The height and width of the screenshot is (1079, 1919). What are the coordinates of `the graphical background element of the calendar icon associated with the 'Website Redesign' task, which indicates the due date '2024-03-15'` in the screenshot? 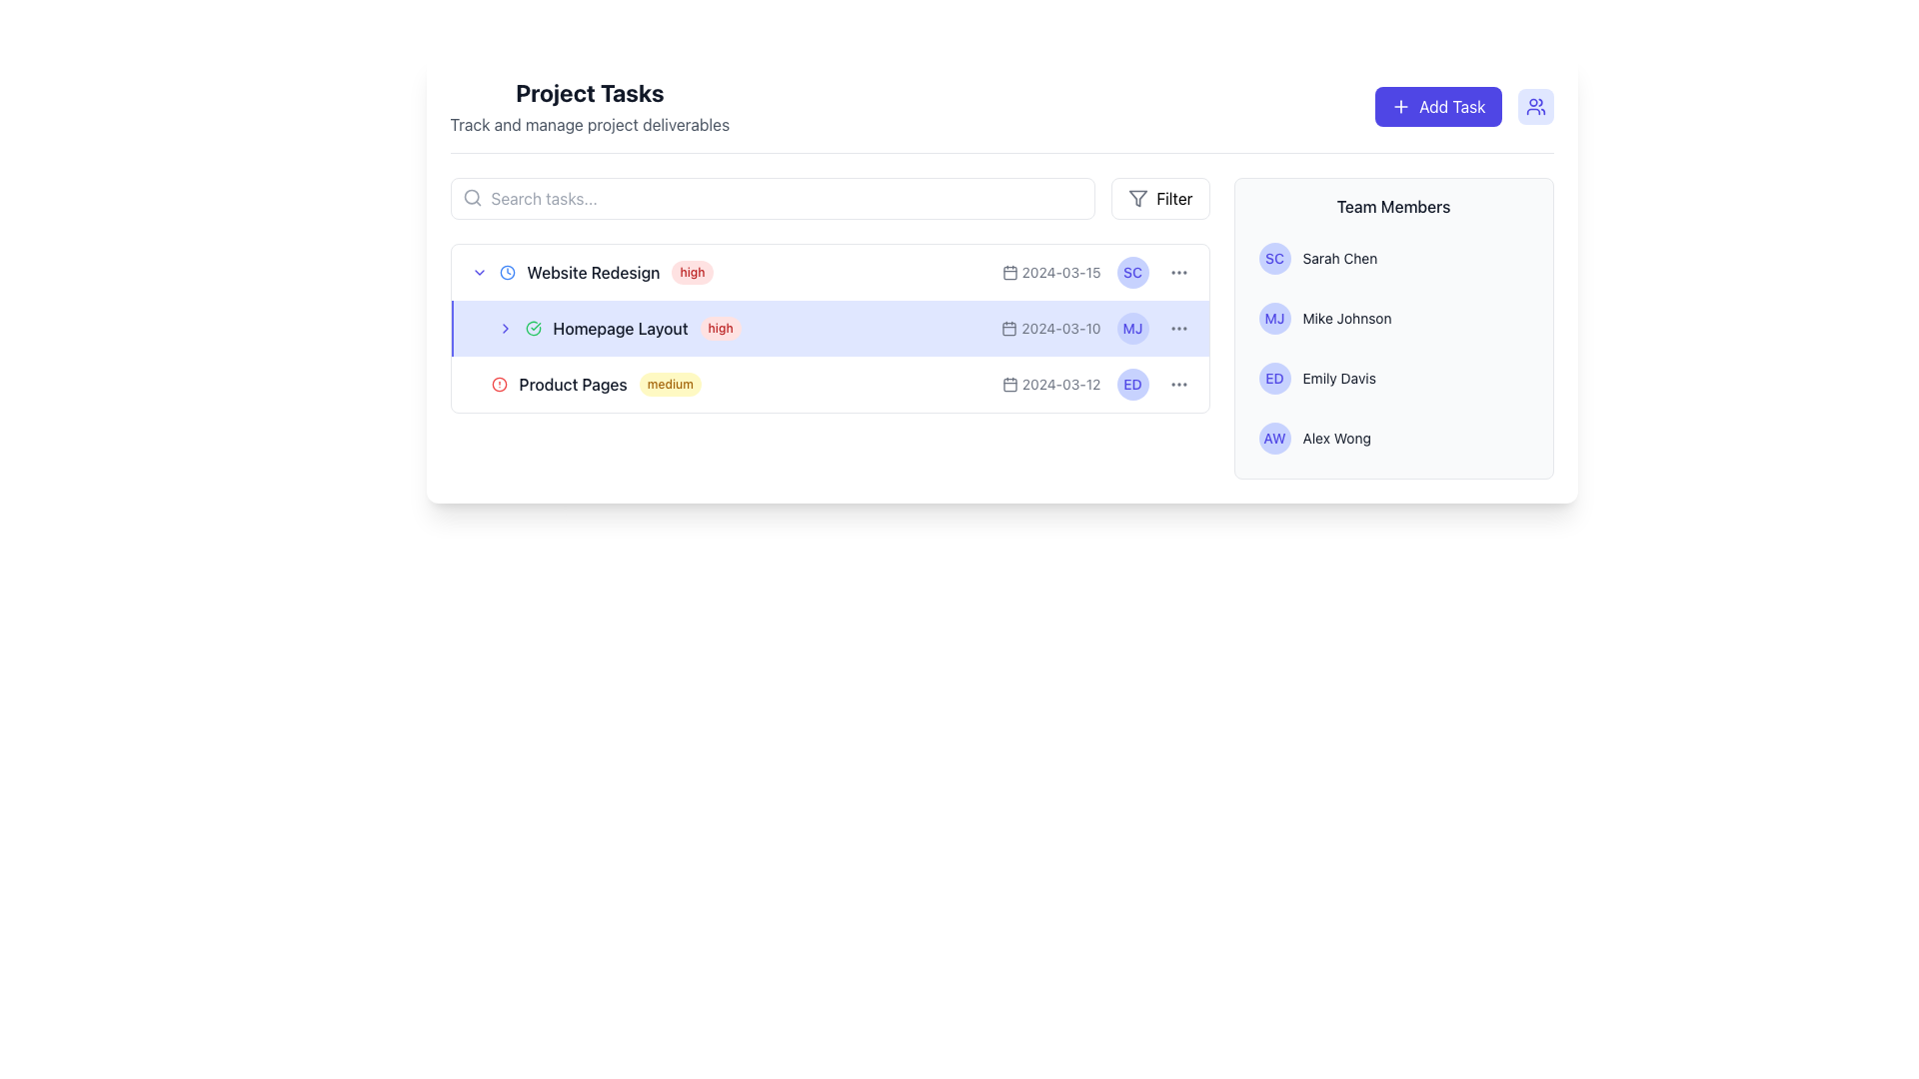 It's located at (1009, 273).